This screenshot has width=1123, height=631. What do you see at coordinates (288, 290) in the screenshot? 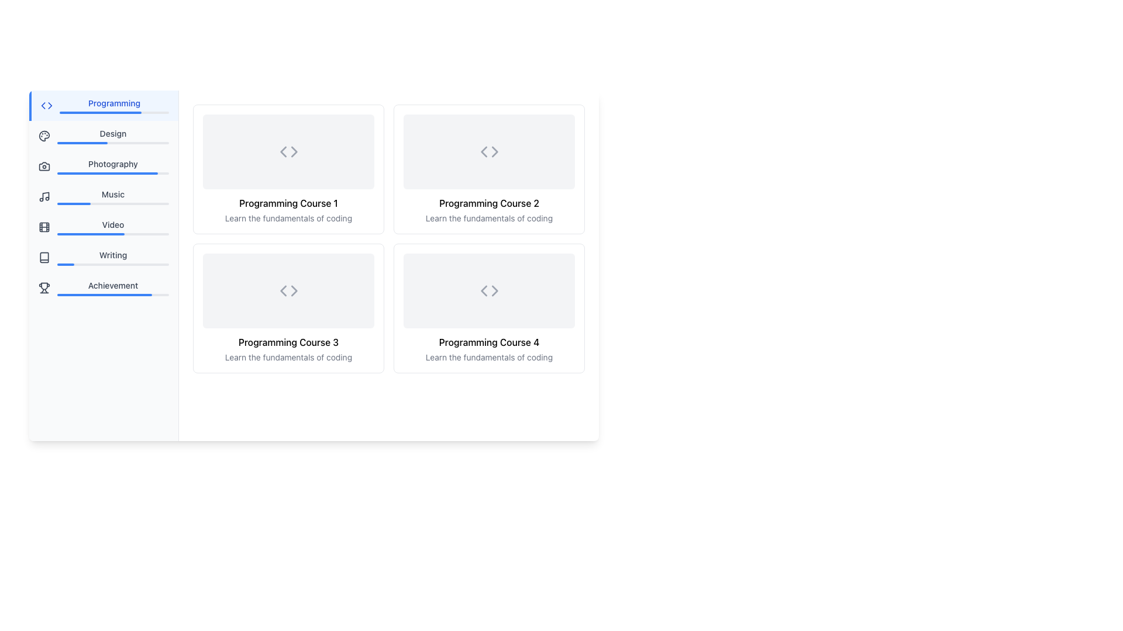
I see `the coding icon centered within the 'Programming Course 3' card, which is the third item in a grid of programming course cards` at bounding box center [288, 290].